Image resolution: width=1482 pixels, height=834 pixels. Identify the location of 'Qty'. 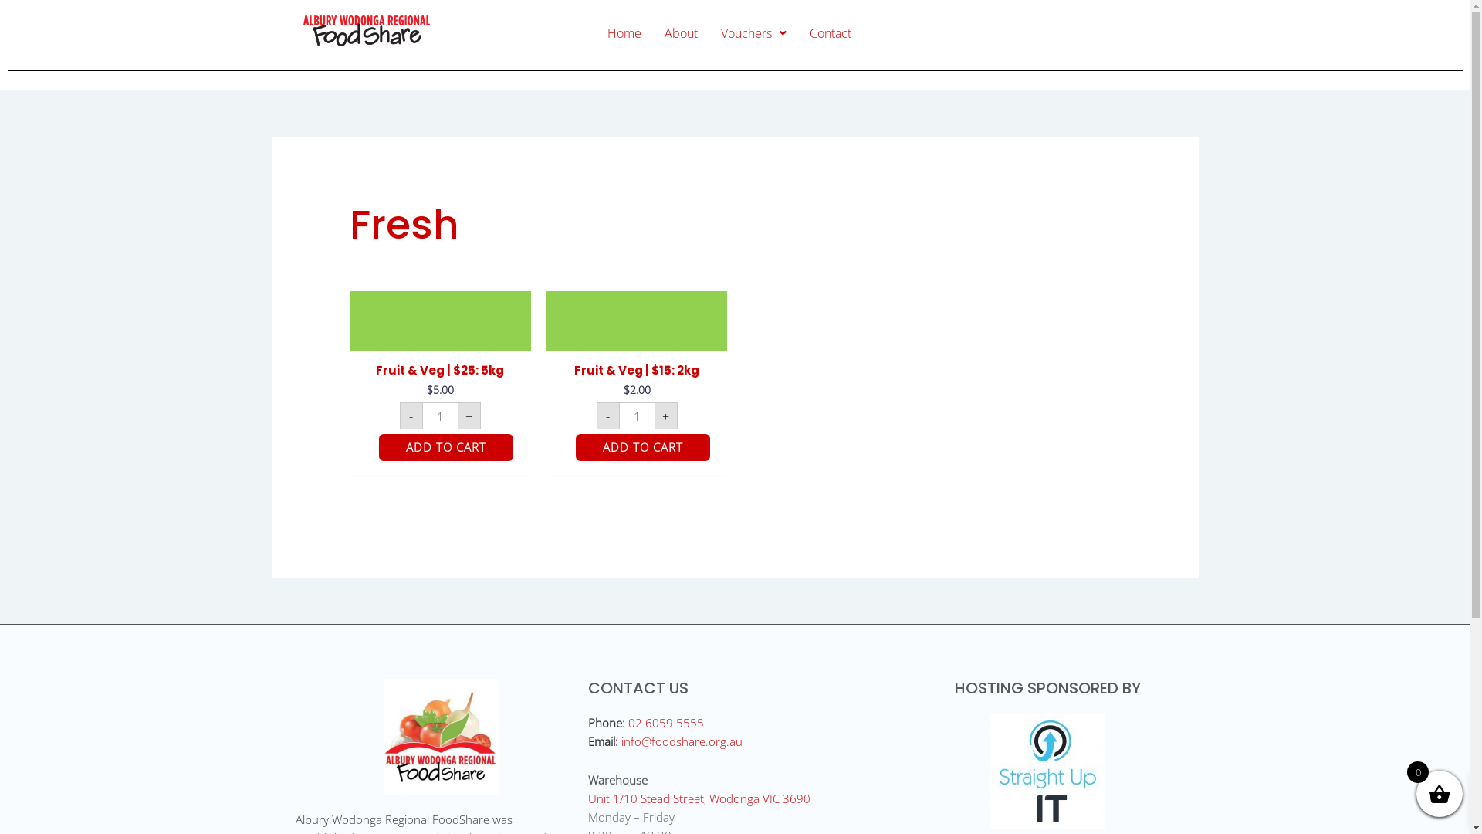
(636, 415).